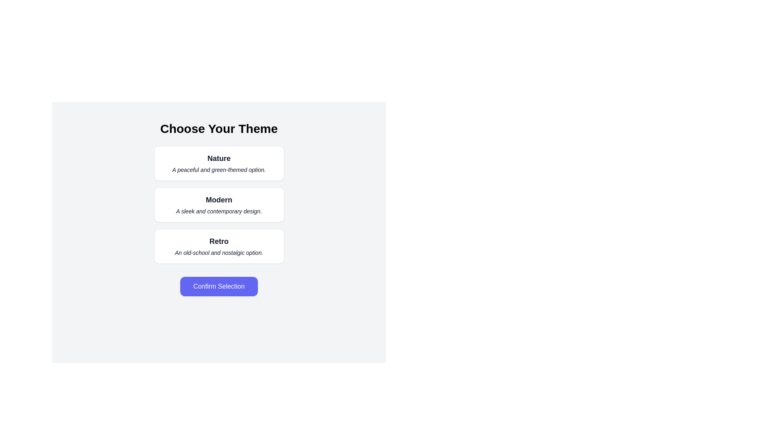 This screenshot has height=439, width=781. I want to click on descriptive subtext label located below the 'Modern' title, which is centered within the middle white card of the three options, so click(219, 211).